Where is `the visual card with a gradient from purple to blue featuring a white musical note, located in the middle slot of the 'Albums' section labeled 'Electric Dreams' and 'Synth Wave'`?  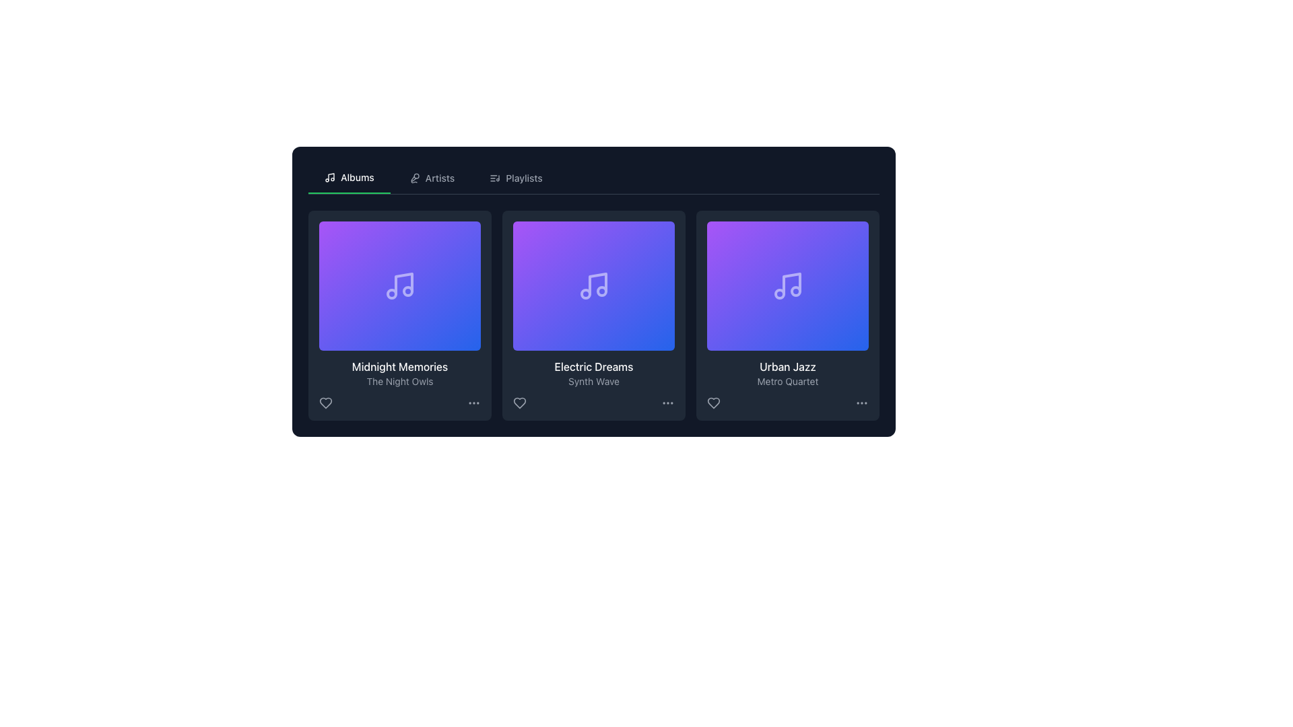
the visual card with a gradient from purple to blue featuring a white musical note, located in the middle slot of the 'Albums' section labeled 'Electric Dreams' and 'Synth Wave' is located at coordinates (593, 285).